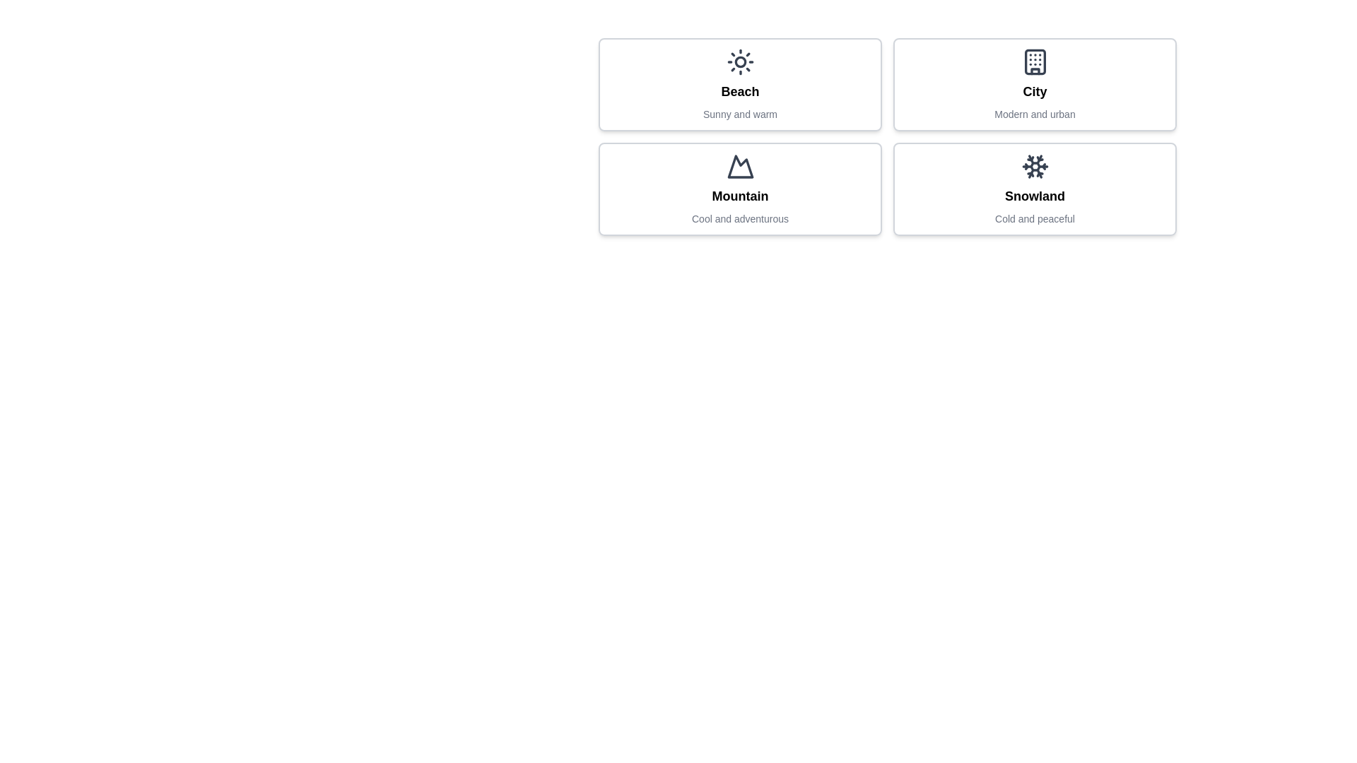 The image size is (1357, 763). What do you see at coordinates (1035, 196) in the screenshot?
I see `the text element identifying 'Snowland', which is positioned below a snowflake icon in the interactive card` at bounding box center [1035, 196].